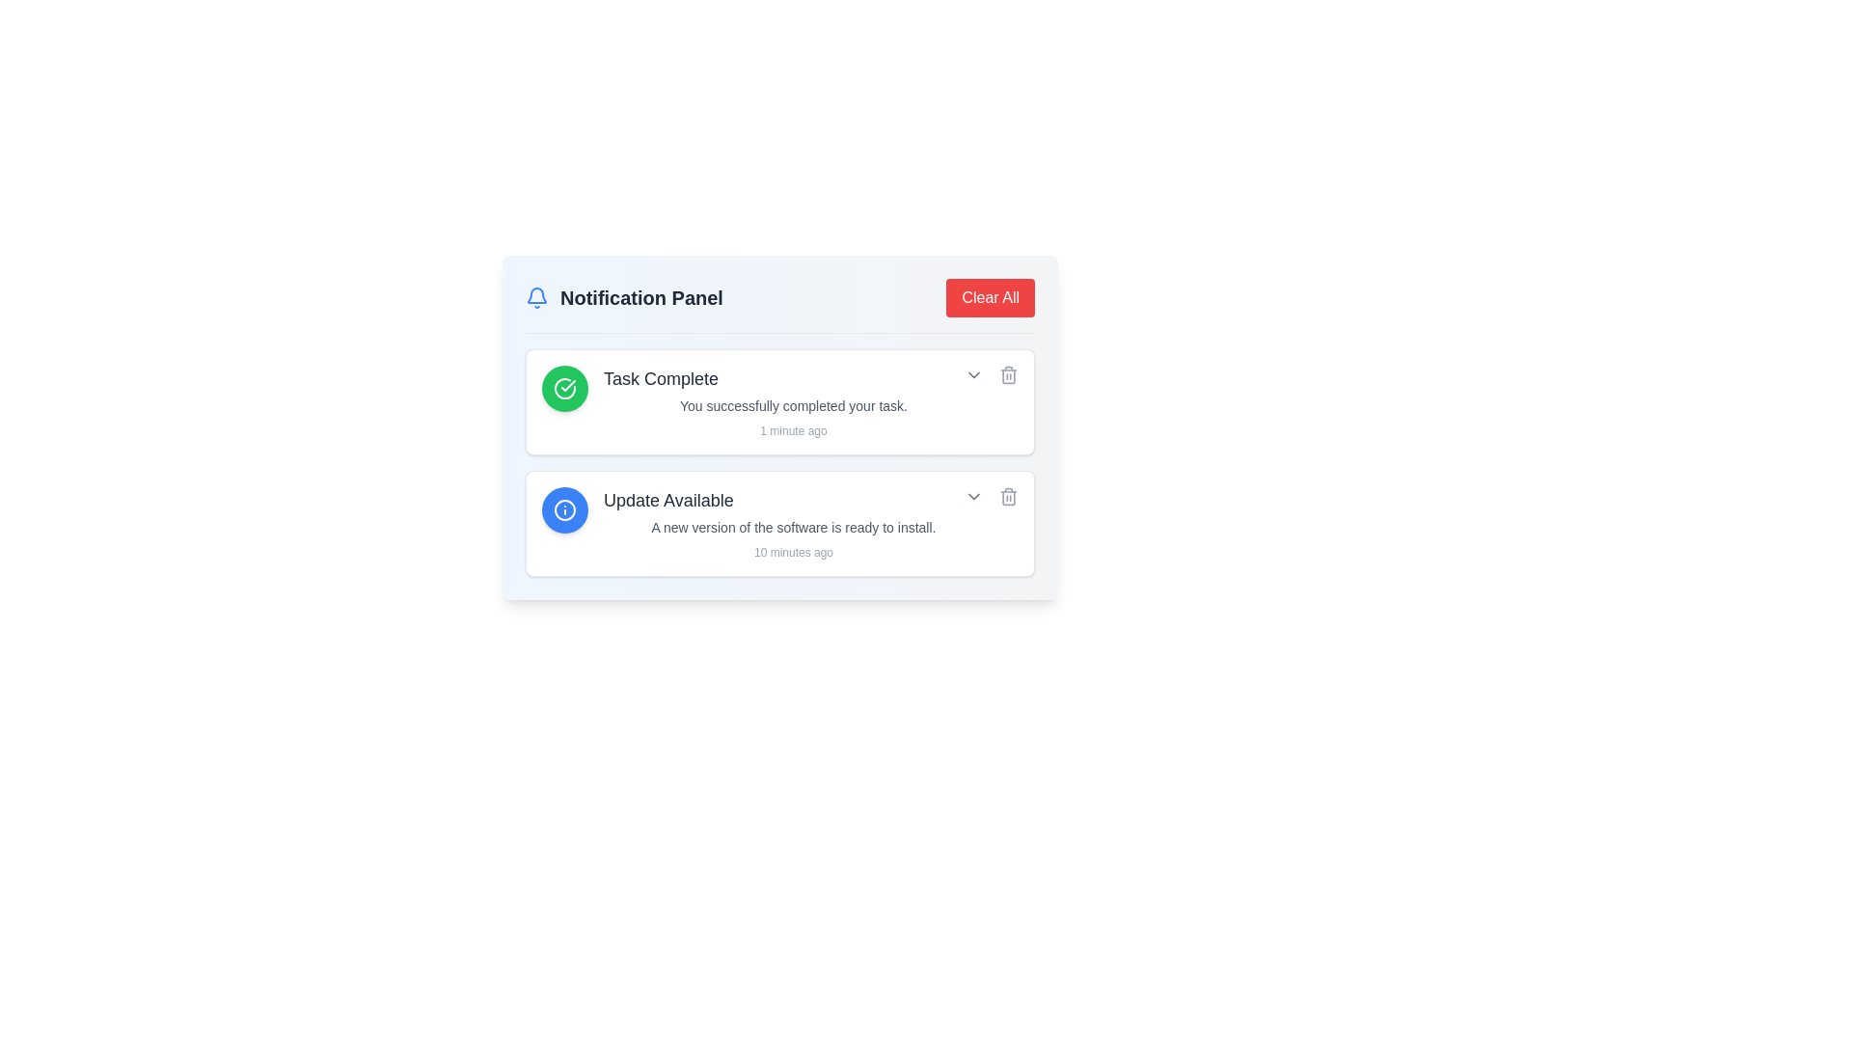  What do you see at coordinates (780, 524) in the screenshot?
I see `the second notification card in the notification panel` at bounding box center [780, 524].